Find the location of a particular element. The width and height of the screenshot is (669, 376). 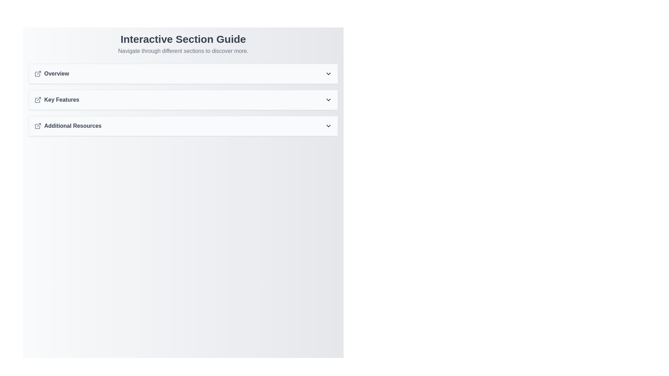

the Menu item with an icon for navigating to additional resources located in the 'Interactive Section Guide', which is the third entry under 'Overview' and 'Key Features' is located at coordinates (68, 126).